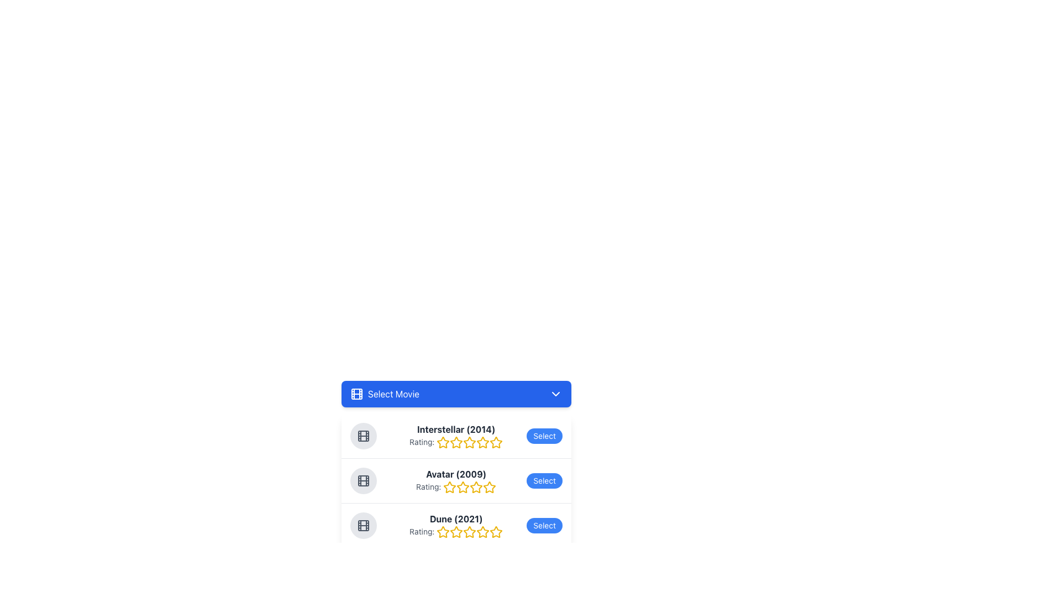 The height and width of the screenshot is (597, 1061). What do you see at coordinates (544, 480) in the screenshot?
I see `the rounded blue 'Select' button with white text, located on the rightmost side of the row for the movie 'Avatar (2009)'` at bounding box center [544, 480].